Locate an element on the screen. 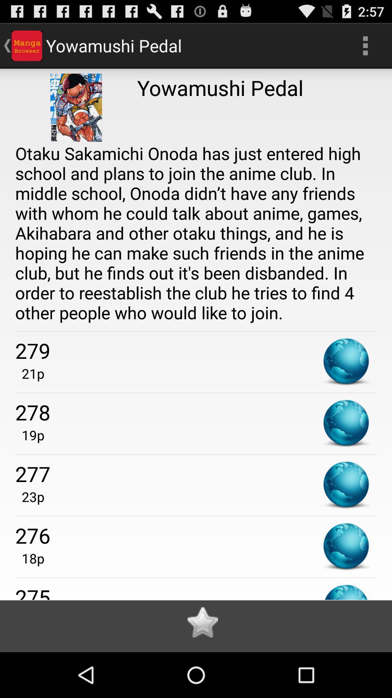  the icon above   18p icon is located at coordinates (196, 535).